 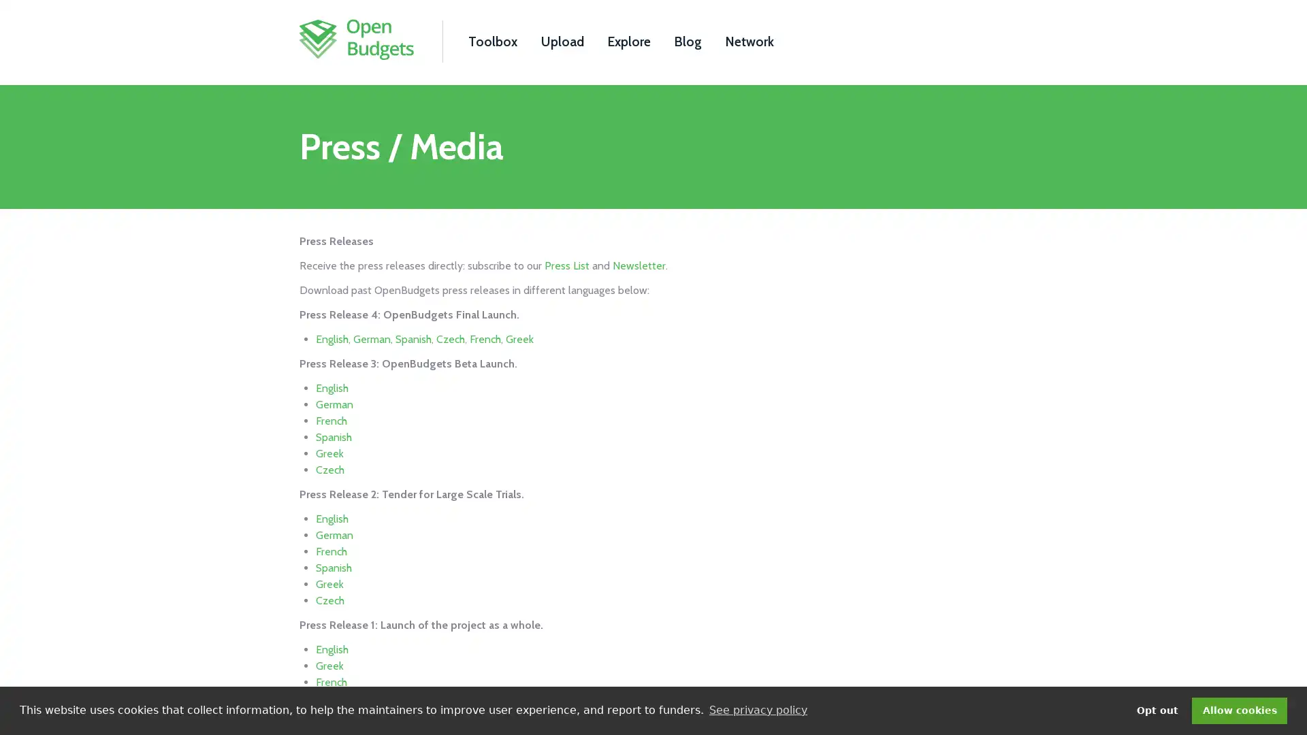 I want to click on dismiss cookie message, so click(x=1239, y=710).